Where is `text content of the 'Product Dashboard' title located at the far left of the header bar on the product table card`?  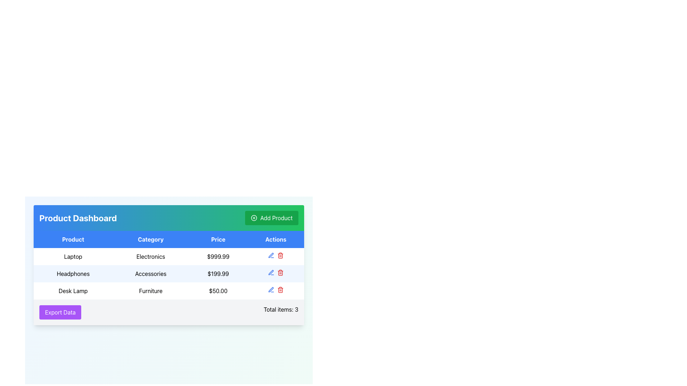
text content of the 'Product Dashboard' title located at the far left of the header bar on the product table card is located at coordinates (78, 217).